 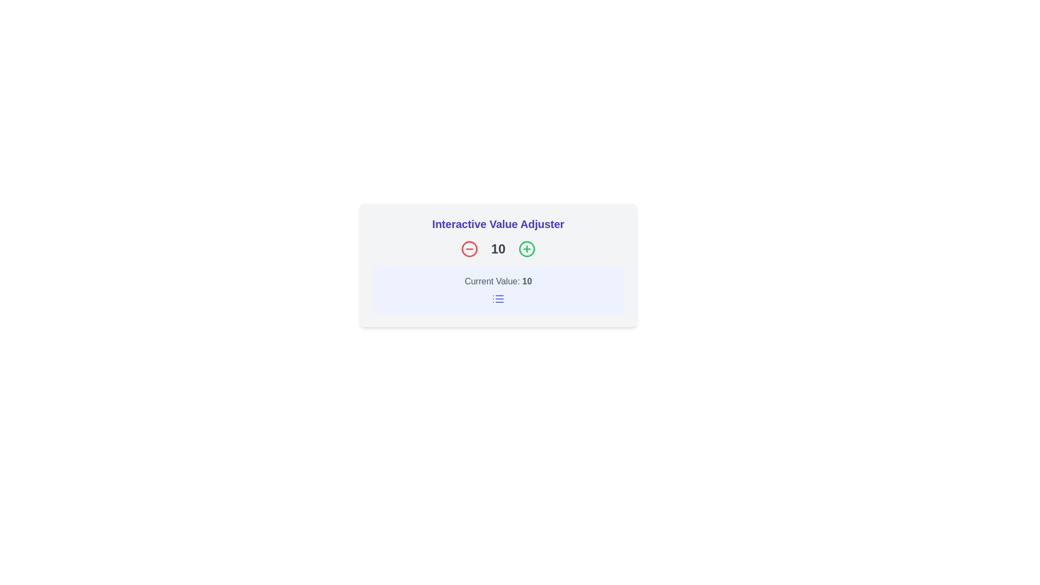 I want to click on the Text Display that shows the current value of the counter, positioned centrally between the minus and plus buttons, so click(x=498, y=249).